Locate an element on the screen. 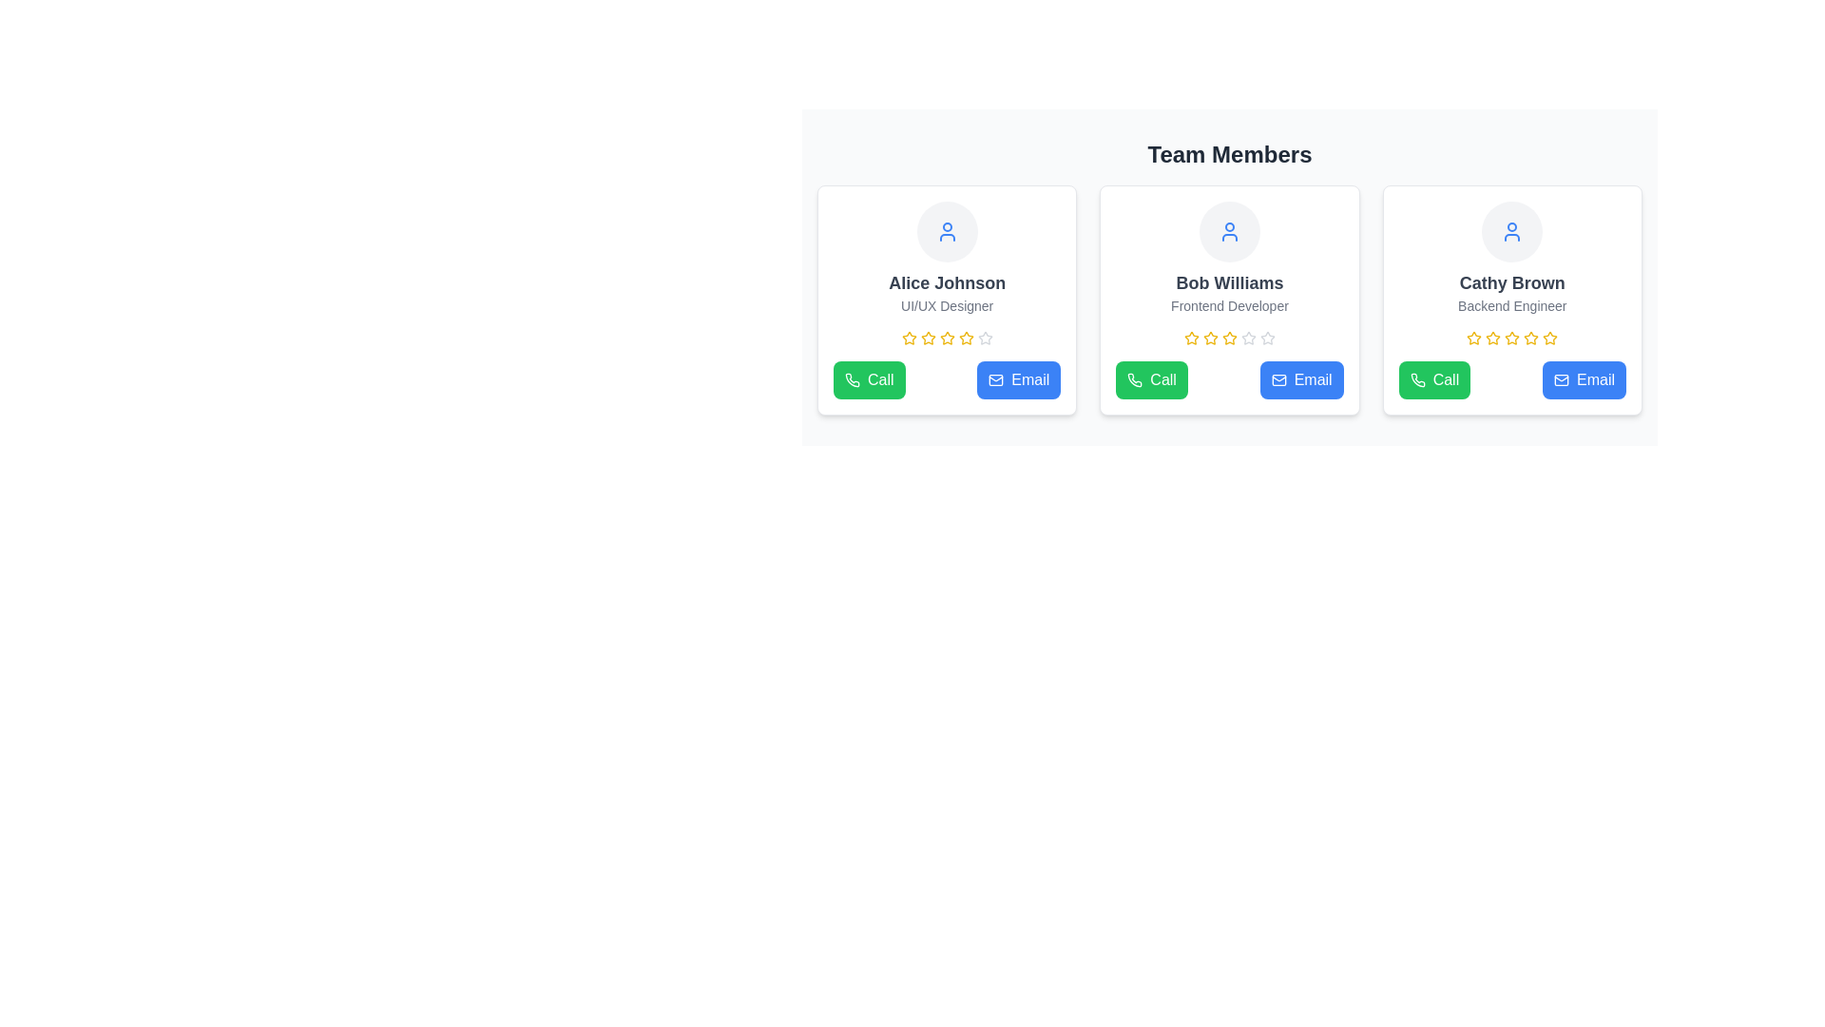  the first profile card in the grid layout, which contains information about an individual including their name, job title, contact methods, and a rating system is located at coordinates (947, 300).